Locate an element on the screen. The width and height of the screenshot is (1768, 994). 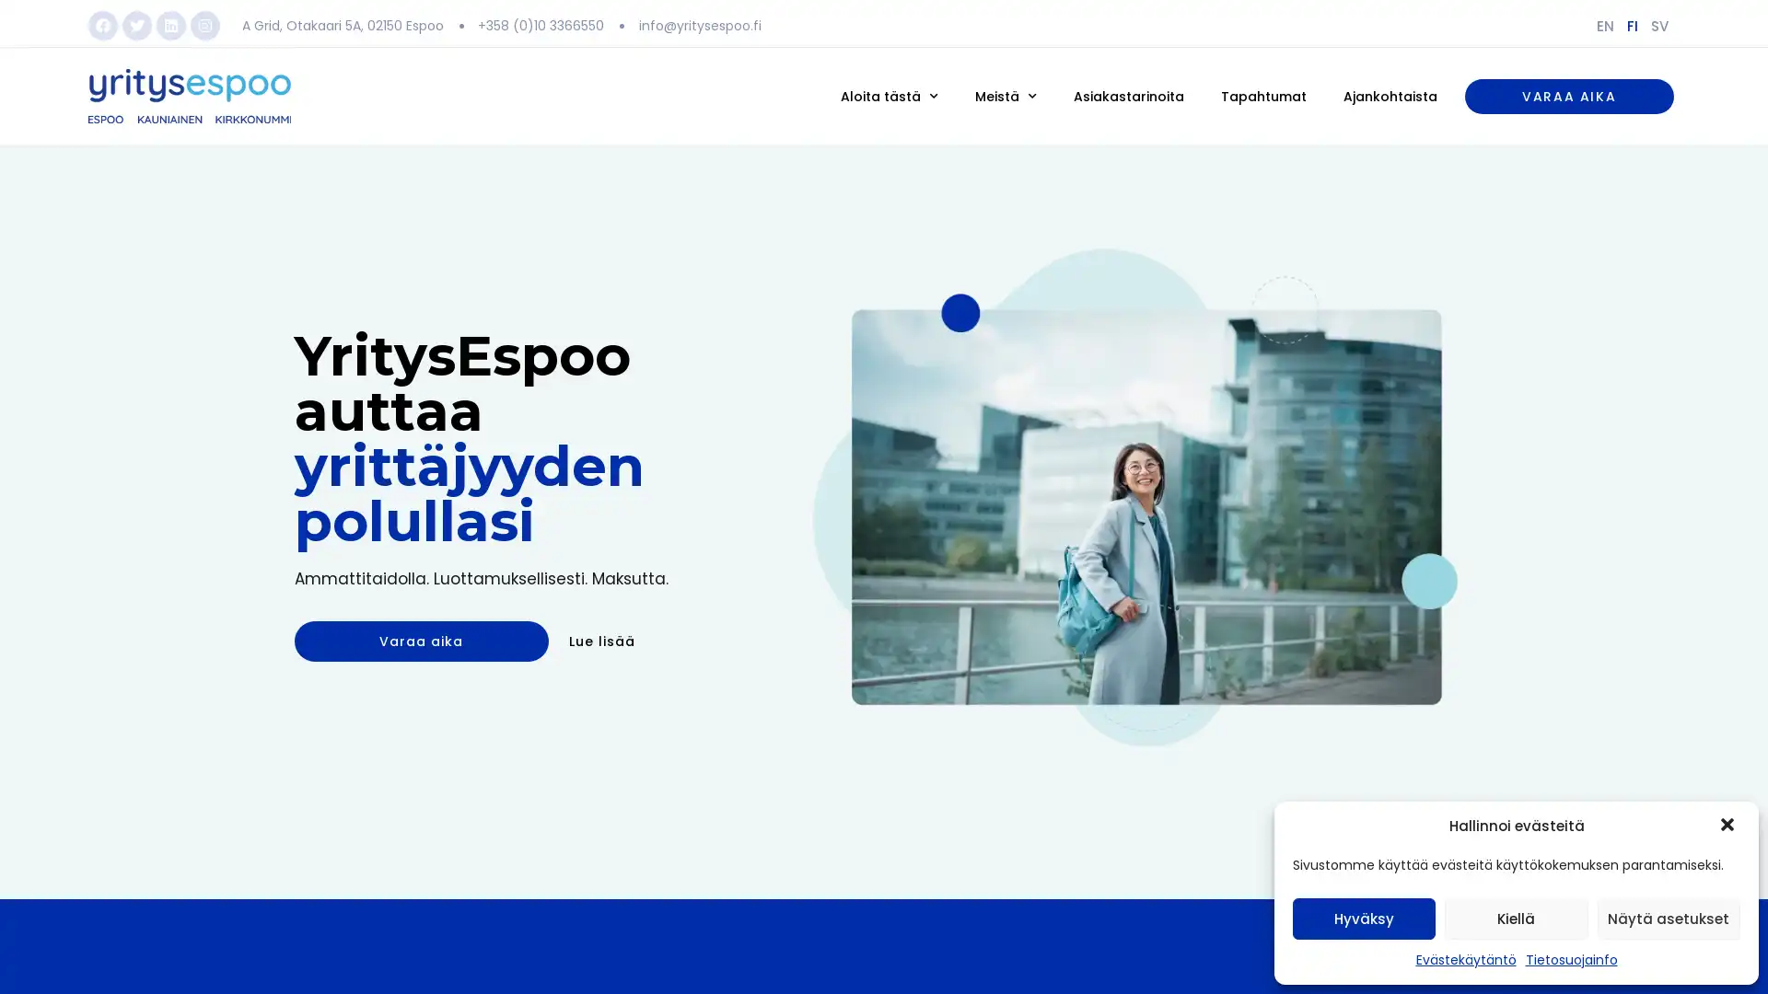
Hyvaksy is located at coordinates (1364, 919).